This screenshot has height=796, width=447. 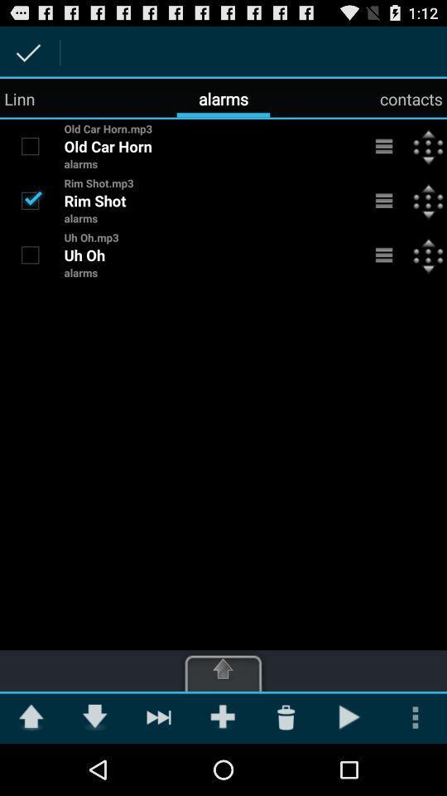 I want to click on check box to uh oh, so click(x=30, y=255).